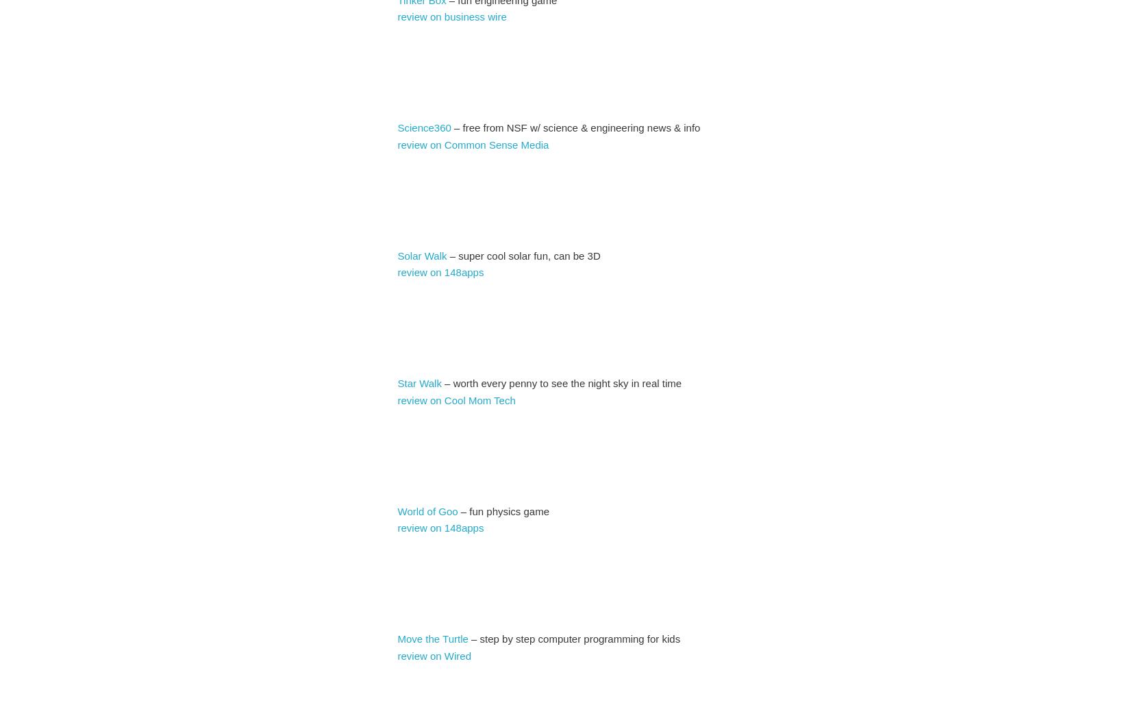  Describe the element at coordinates (441, 383) in the screenshot. I see `'– worth every penny to see the night sky in real time'` at that location.